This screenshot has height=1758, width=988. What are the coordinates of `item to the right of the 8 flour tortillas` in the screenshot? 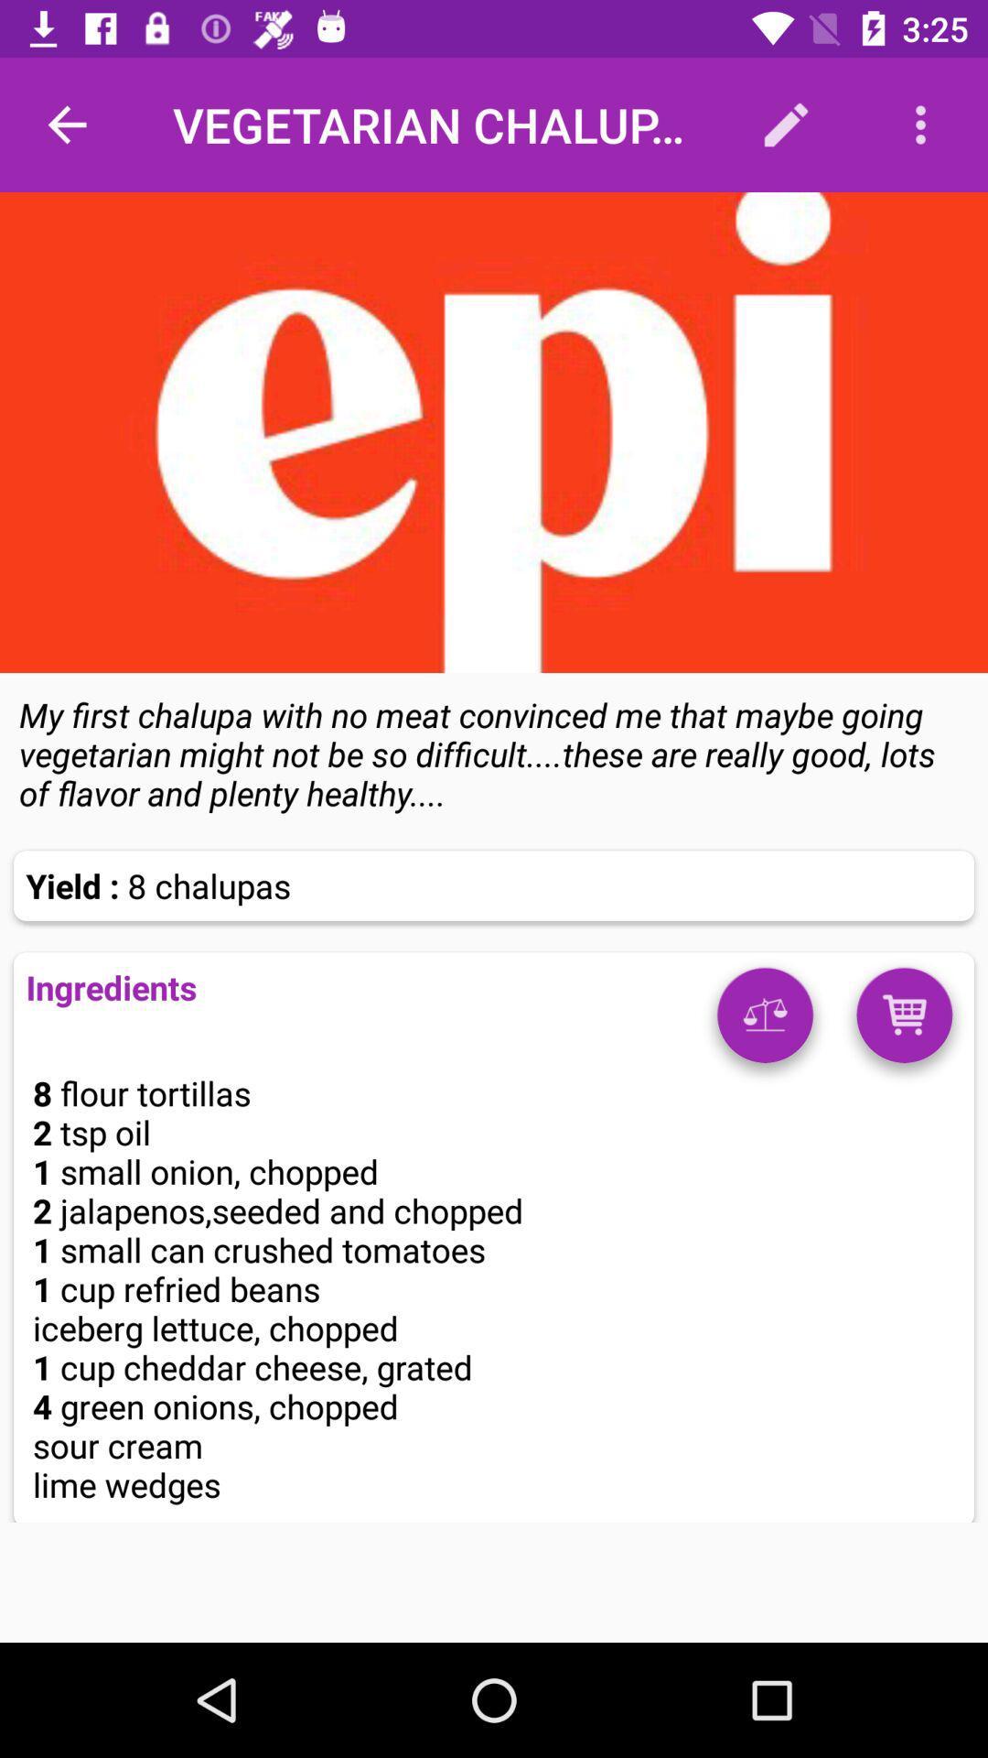 It's located at (765, 1021).